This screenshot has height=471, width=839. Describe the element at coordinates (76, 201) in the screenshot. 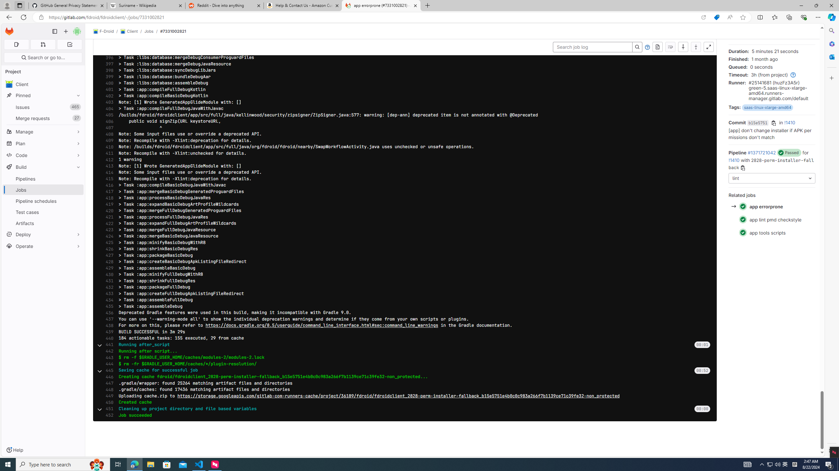

I see `'Pin Pipeline schedules'` at that location.